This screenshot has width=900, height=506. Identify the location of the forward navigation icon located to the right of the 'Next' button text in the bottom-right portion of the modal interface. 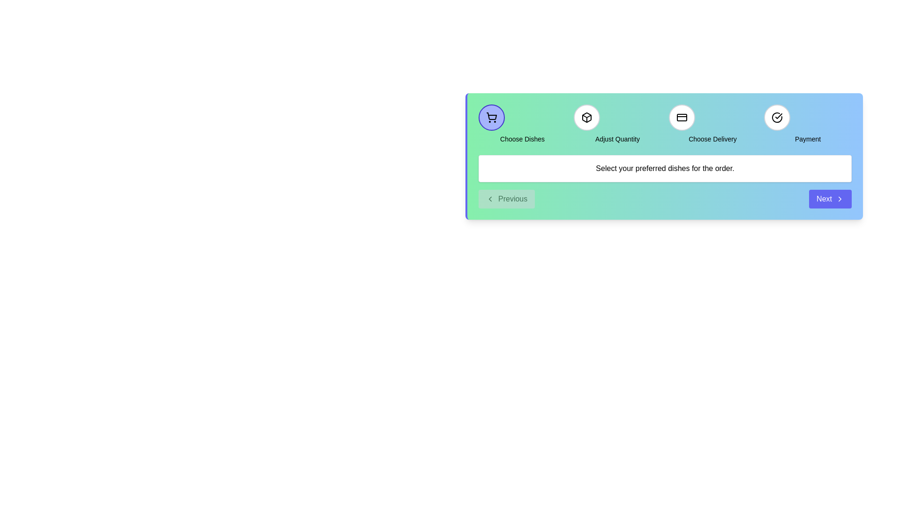
(840, 198).